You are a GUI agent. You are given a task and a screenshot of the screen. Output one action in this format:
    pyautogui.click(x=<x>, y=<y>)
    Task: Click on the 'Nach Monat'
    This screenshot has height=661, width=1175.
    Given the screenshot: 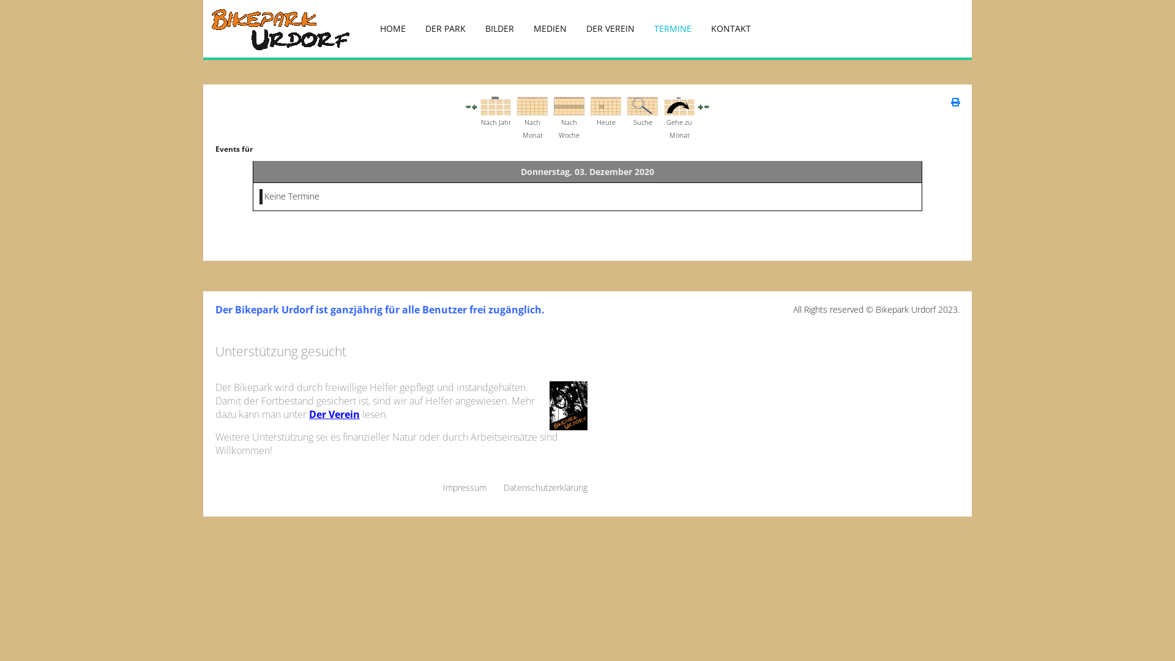 What is the action you would take?
    pyautogui.click(x=532, y=104)
    